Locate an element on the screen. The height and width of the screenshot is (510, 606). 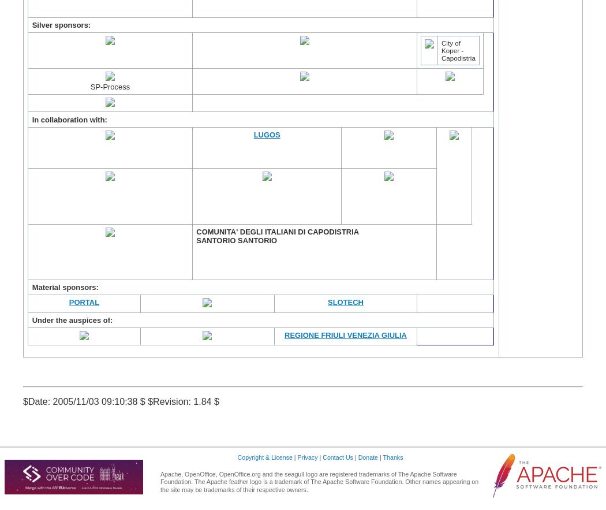
'Copyright & License' is located at coordinates (264, 456).